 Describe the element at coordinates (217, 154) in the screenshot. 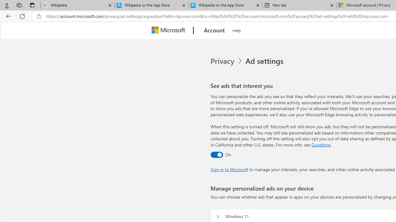

I see `'Ad settings toggle'` at that location.